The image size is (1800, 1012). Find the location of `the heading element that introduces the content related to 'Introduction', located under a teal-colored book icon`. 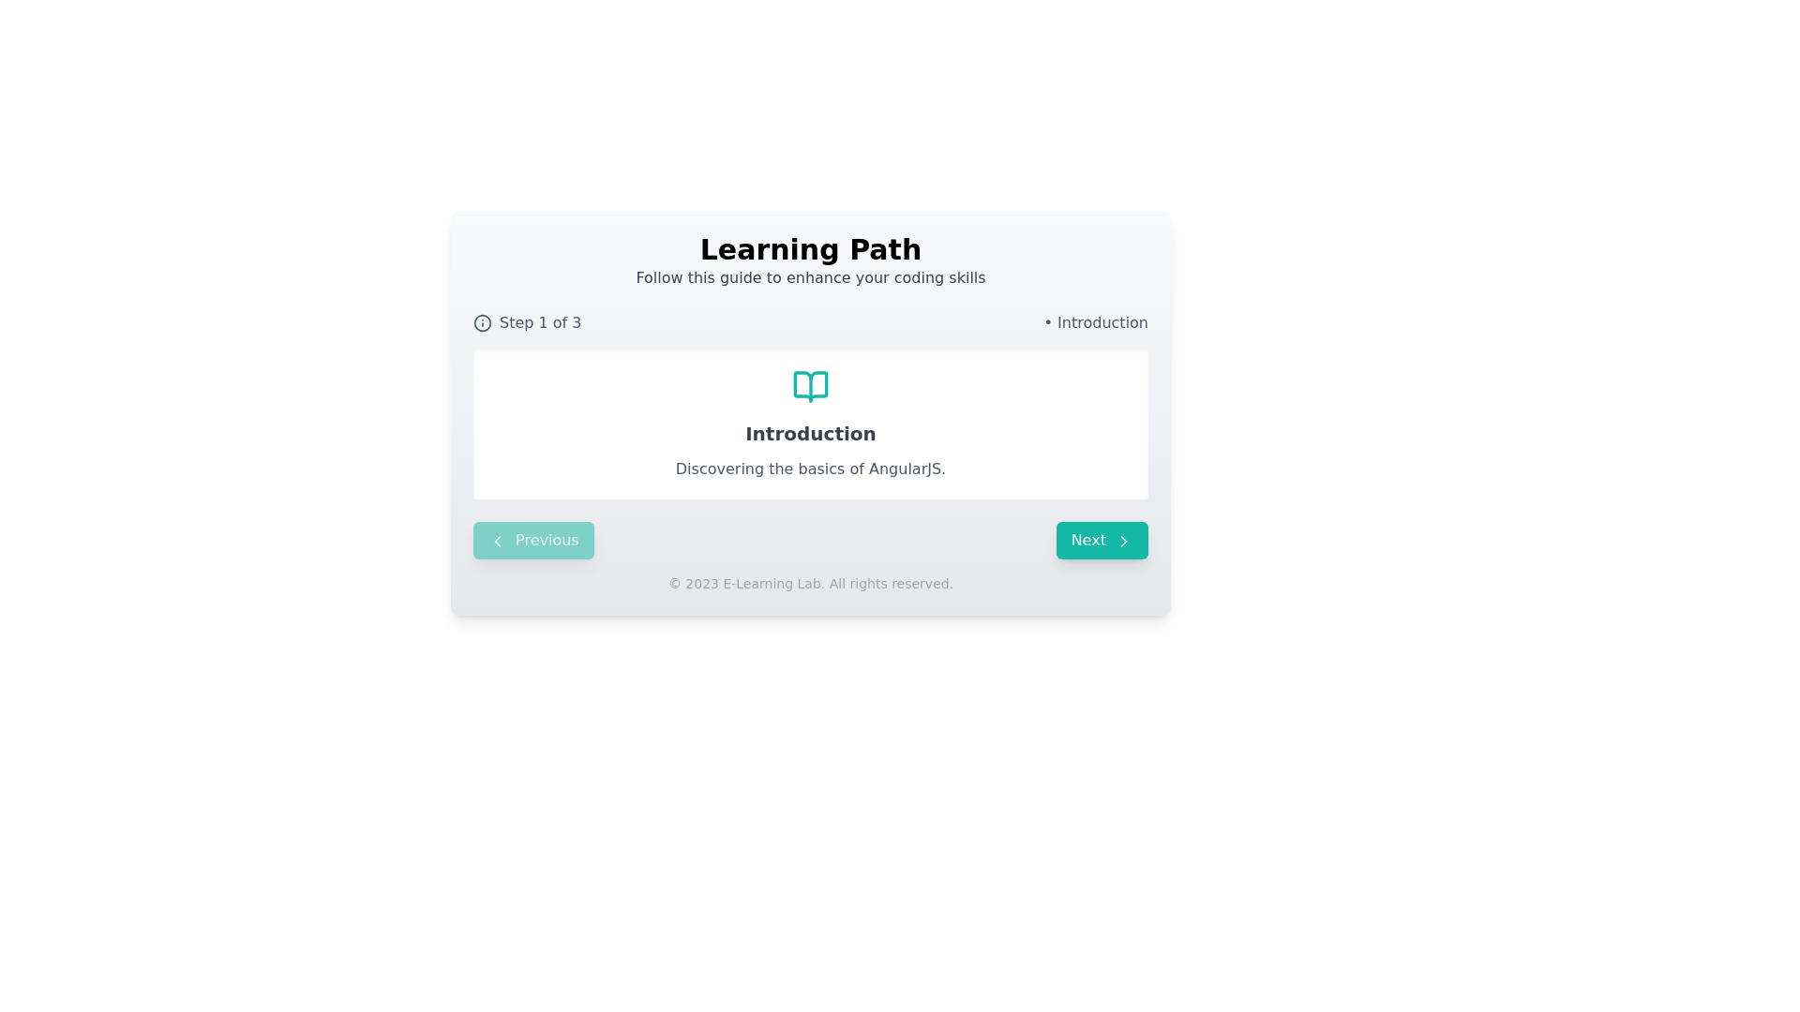

the heading element that introduces the content related to 'Introduction', located under a teal-colored book icon is located at coordinates (810, 433).